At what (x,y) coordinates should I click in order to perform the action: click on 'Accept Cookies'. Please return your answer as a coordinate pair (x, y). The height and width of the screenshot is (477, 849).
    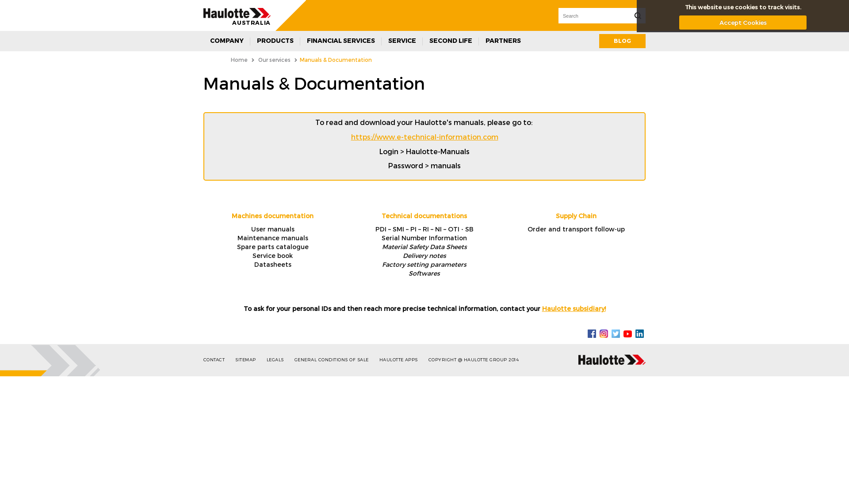
    Looking at the image, I should click on (743, 22).